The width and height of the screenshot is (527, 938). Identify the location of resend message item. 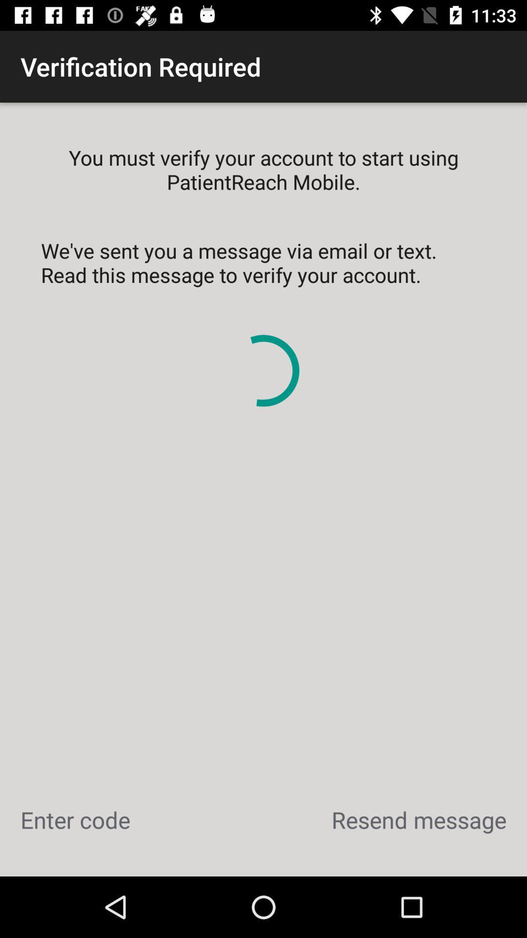
(418, 820).